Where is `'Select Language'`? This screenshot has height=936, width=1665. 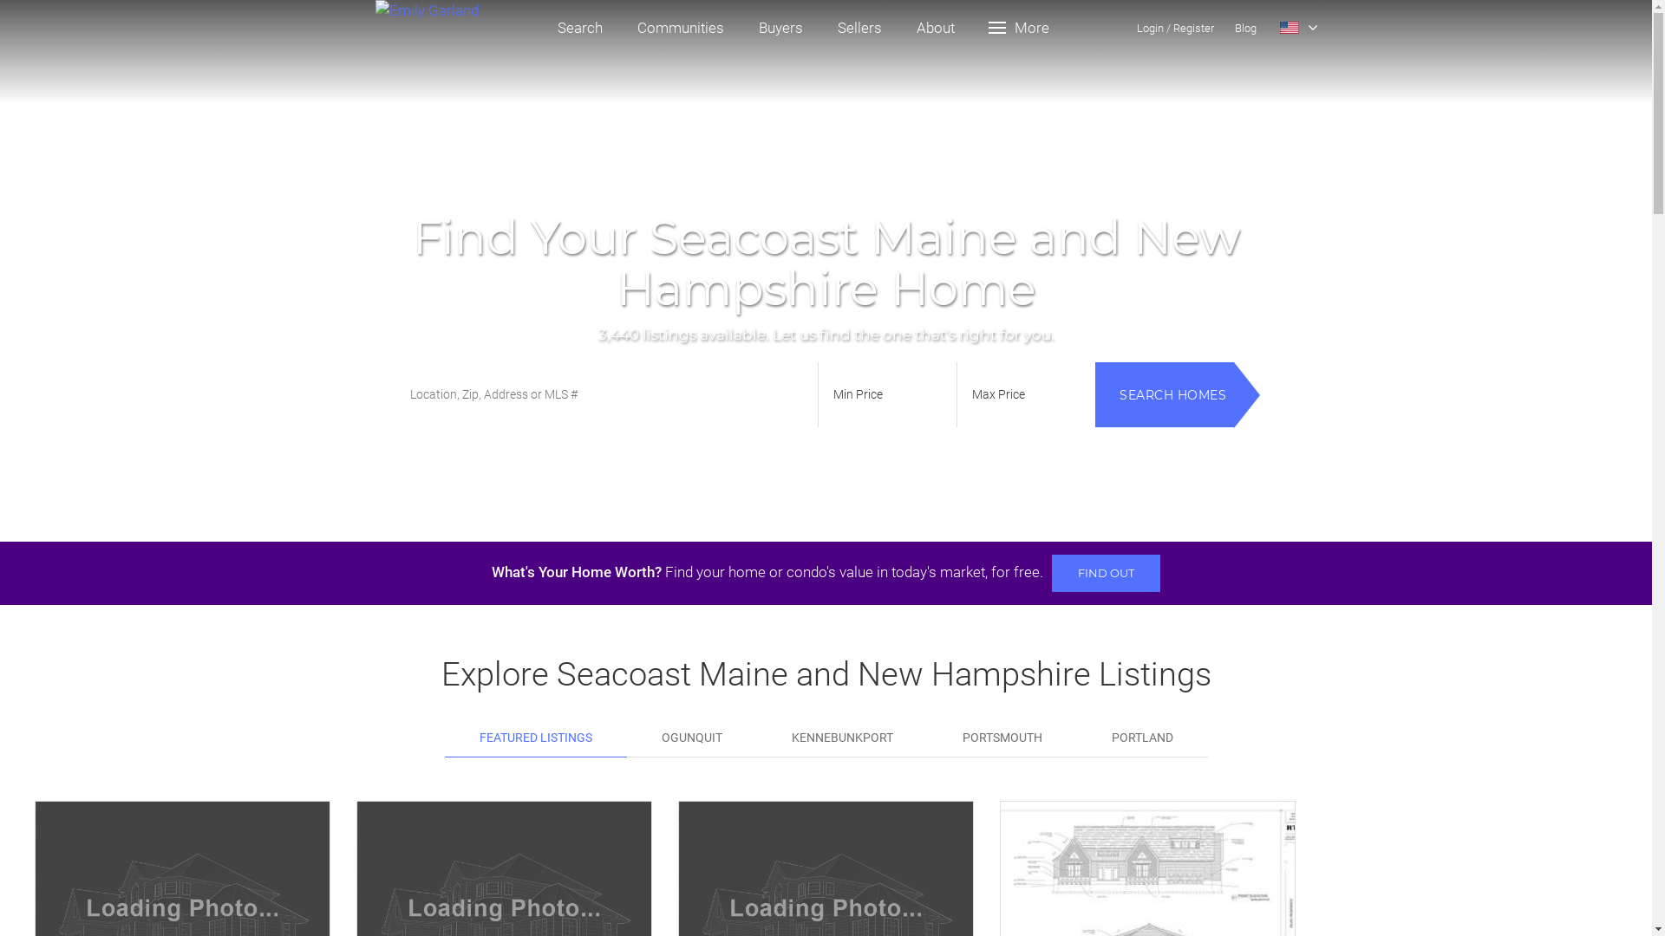
'Select Language' is located at coordinates (1280, 28).